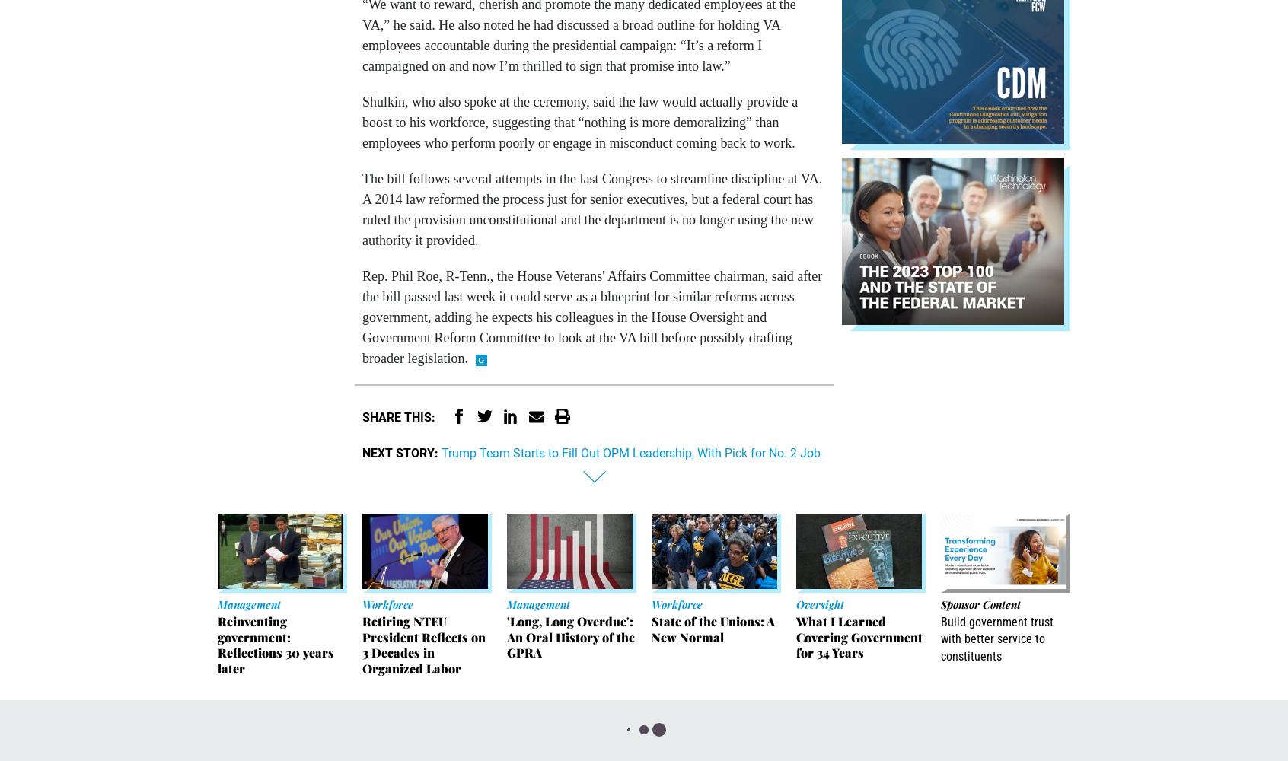 The image size is (1288, 761). Describe the element at coordinates (859, 635) in the screenshot. I see `'What I Learned Covering Government for 34 Years'` at that location.